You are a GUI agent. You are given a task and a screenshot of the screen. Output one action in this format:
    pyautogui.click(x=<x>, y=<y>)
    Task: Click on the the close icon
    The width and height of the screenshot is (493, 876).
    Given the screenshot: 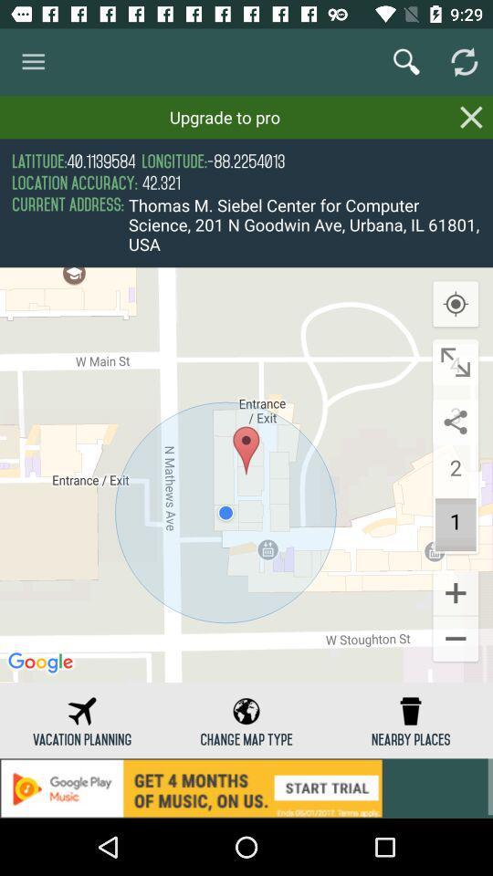 What is the action you would take?
    pyautogui.click(x=471, y=116)
    